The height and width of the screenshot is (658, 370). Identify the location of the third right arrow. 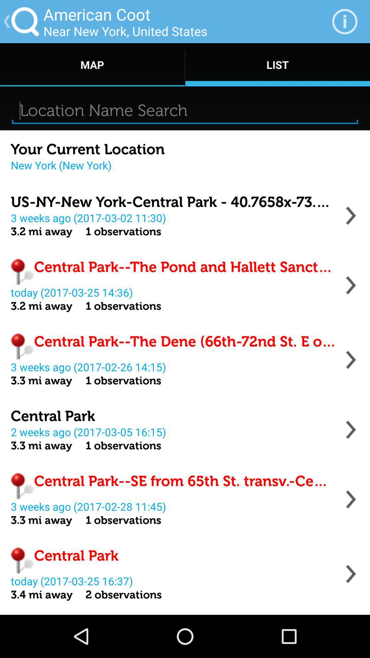
(351, 360).